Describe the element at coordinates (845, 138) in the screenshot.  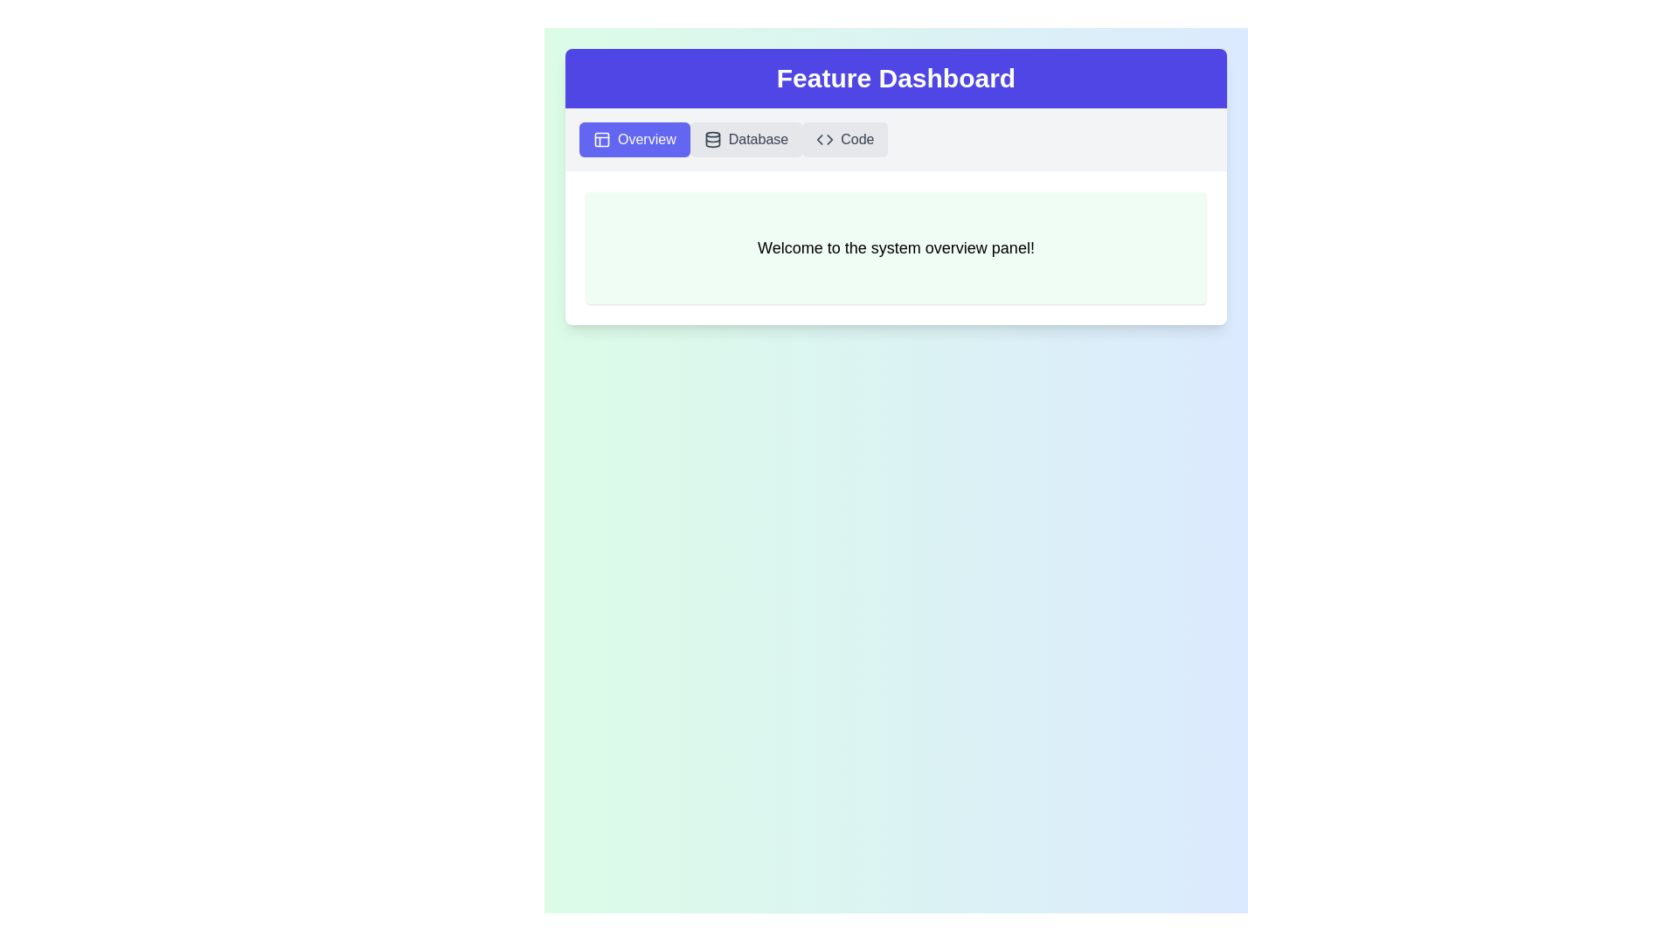
I see `the 'Code' button, which is a rectangular button with a light gray background and dark gray text, displaying the text 'Code' and an icon of angle brackets ('<>') on the left side` at that location.